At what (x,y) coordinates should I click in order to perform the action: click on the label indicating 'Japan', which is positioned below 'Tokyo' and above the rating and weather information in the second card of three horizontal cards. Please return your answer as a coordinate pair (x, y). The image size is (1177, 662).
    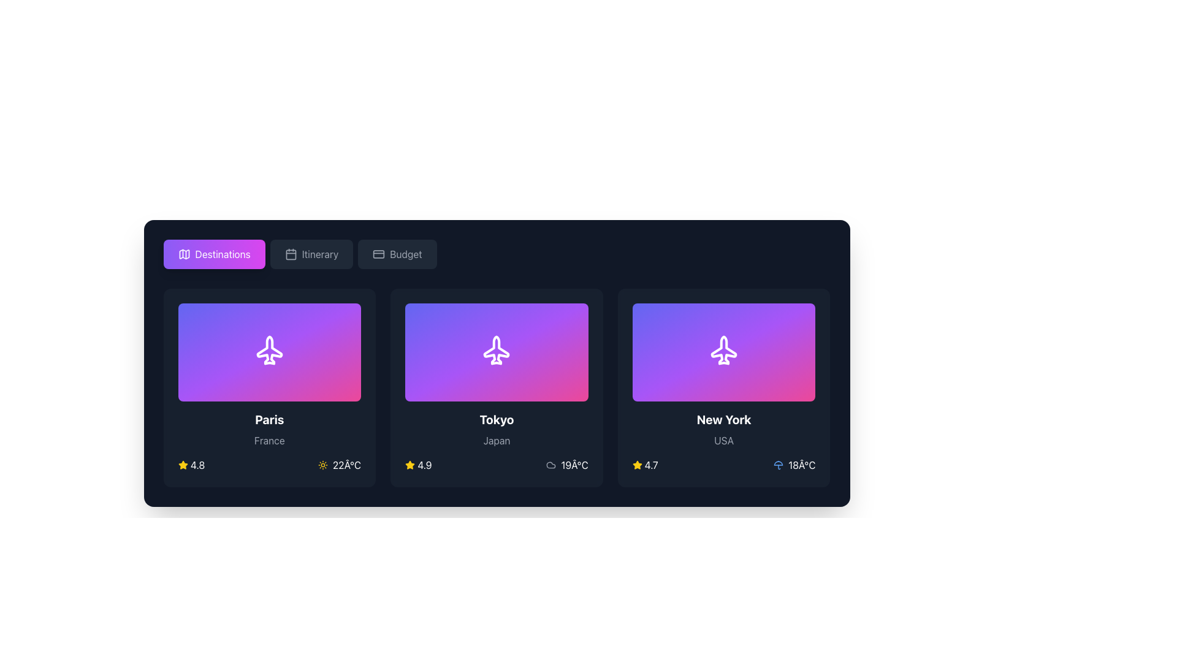
    Looking at the image, I should click on (497, 439).